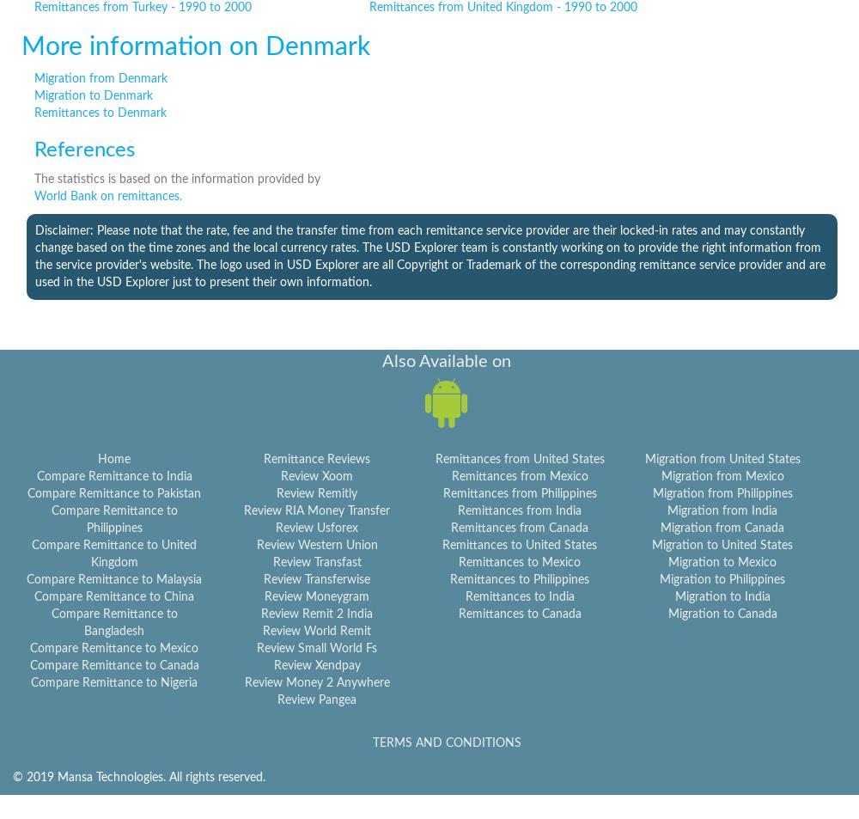  What do you see at coordinates (113, 623) in the screenshot?
I see `'Compare Remittance to Bangladesh'` at bounding box center [113, 623].